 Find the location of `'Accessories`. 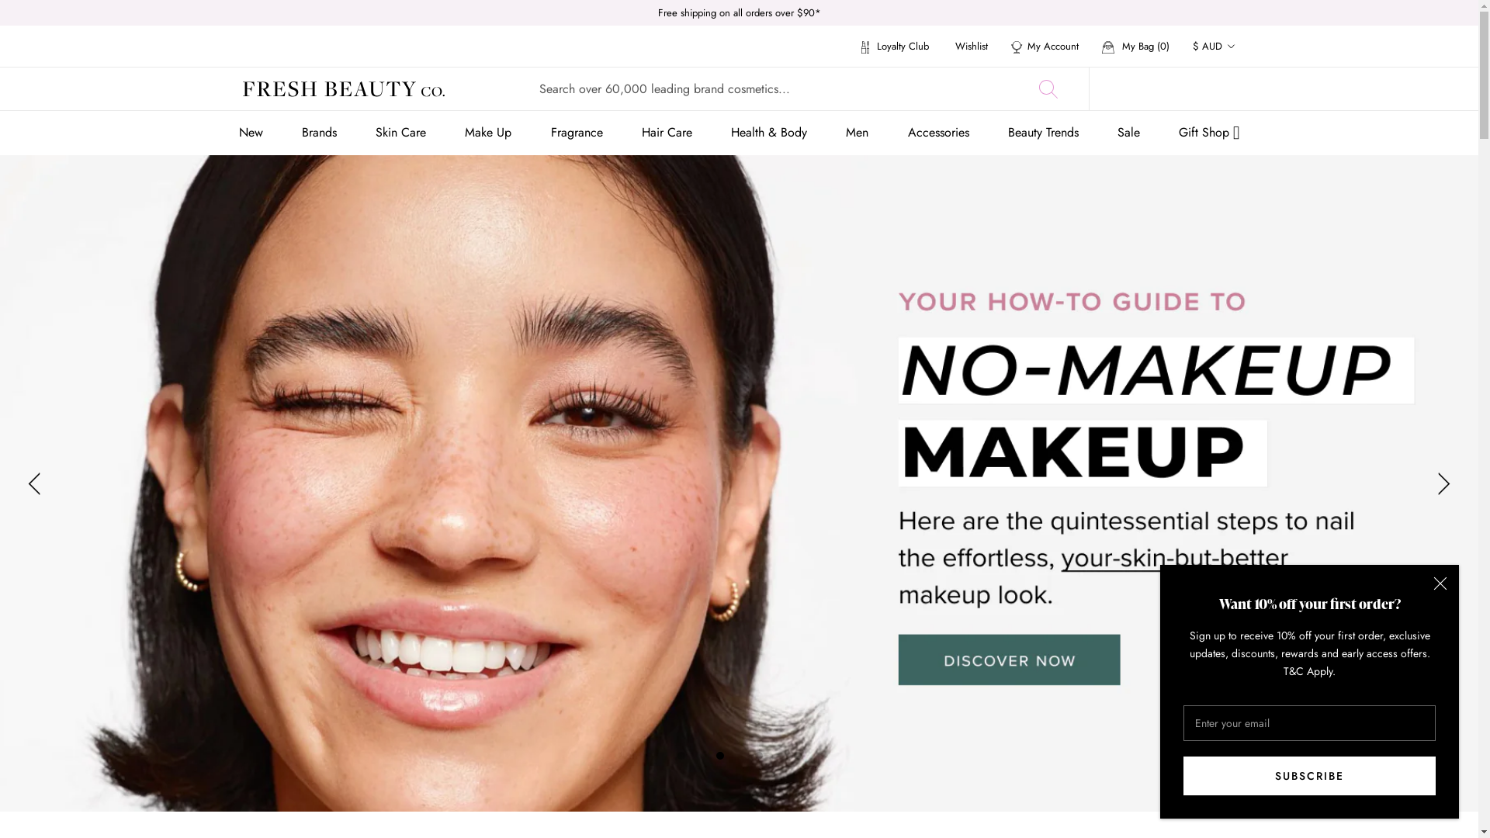

'Accessories is located at coordinates (937, 131).